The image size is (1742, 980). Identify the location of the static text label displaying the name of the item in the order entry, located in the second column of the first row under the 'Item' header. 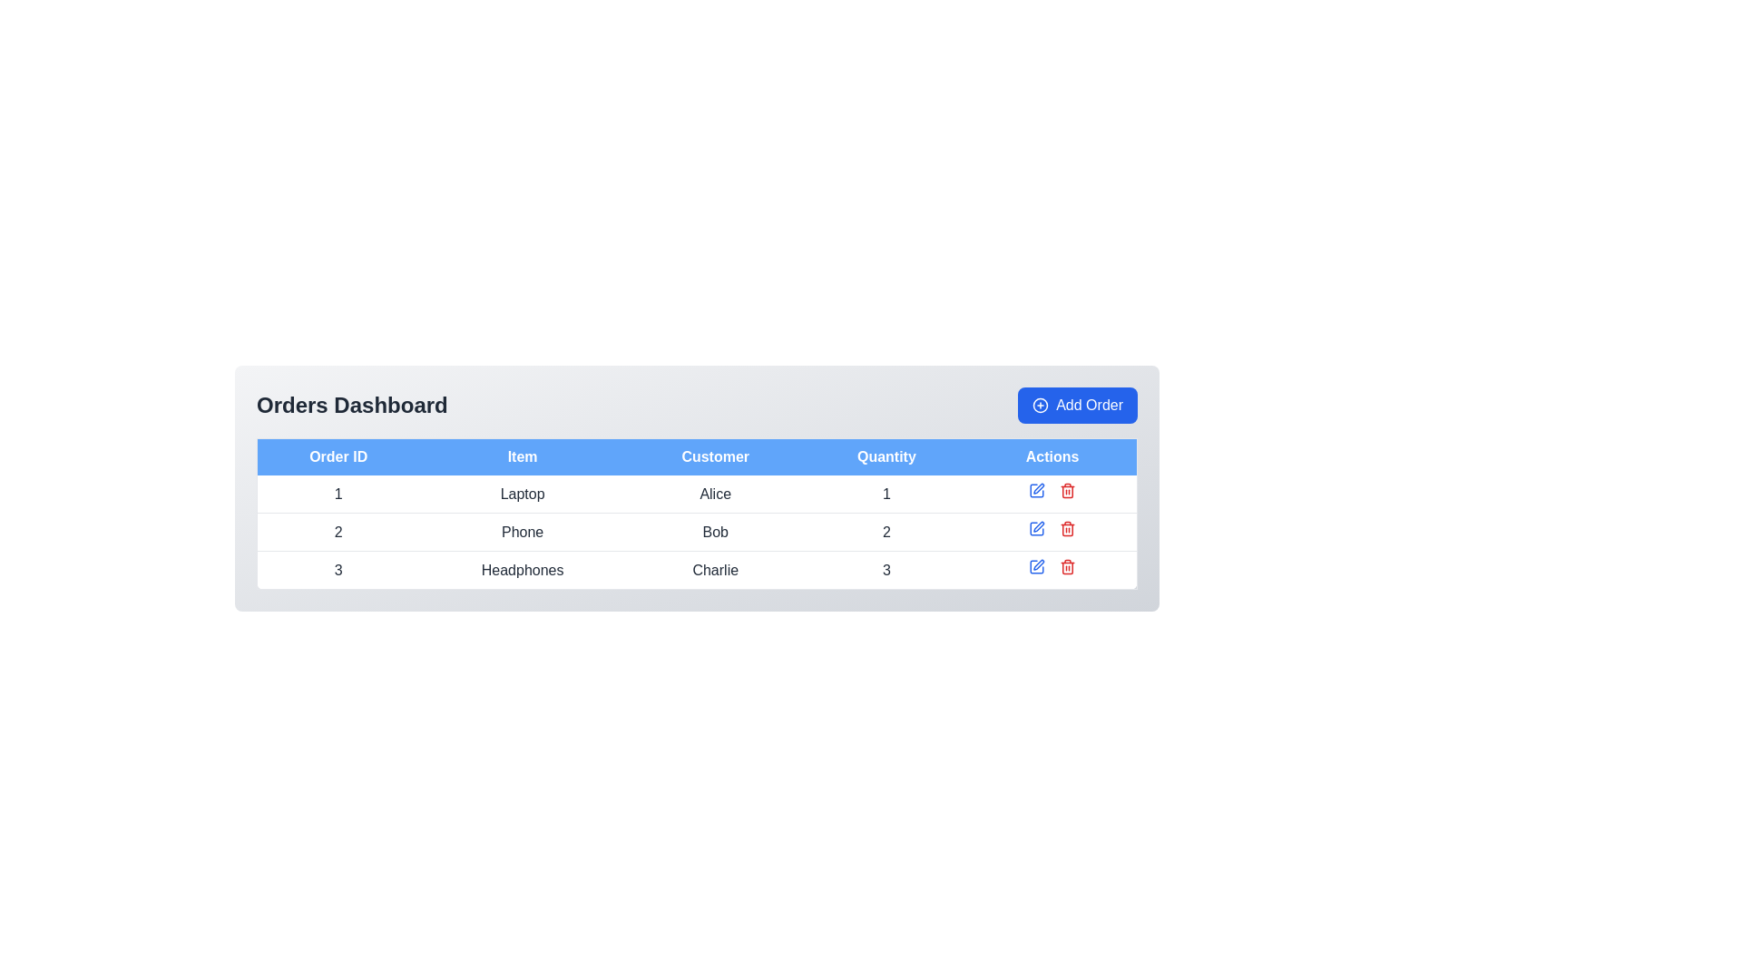
(522, 494).